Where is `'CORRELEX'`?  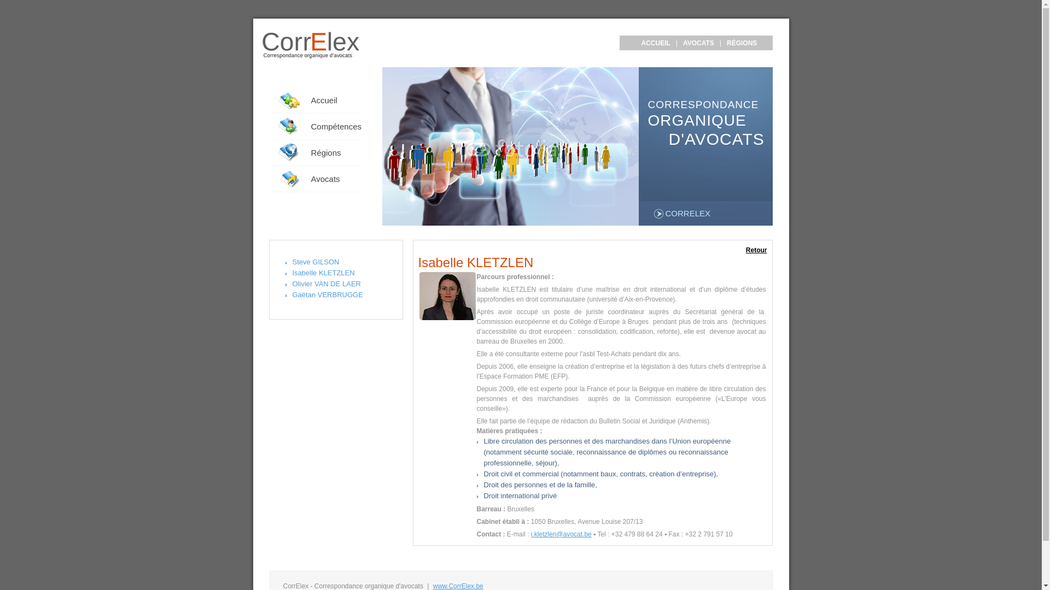
'CORRELEX' is located at coordinates (681, 213).